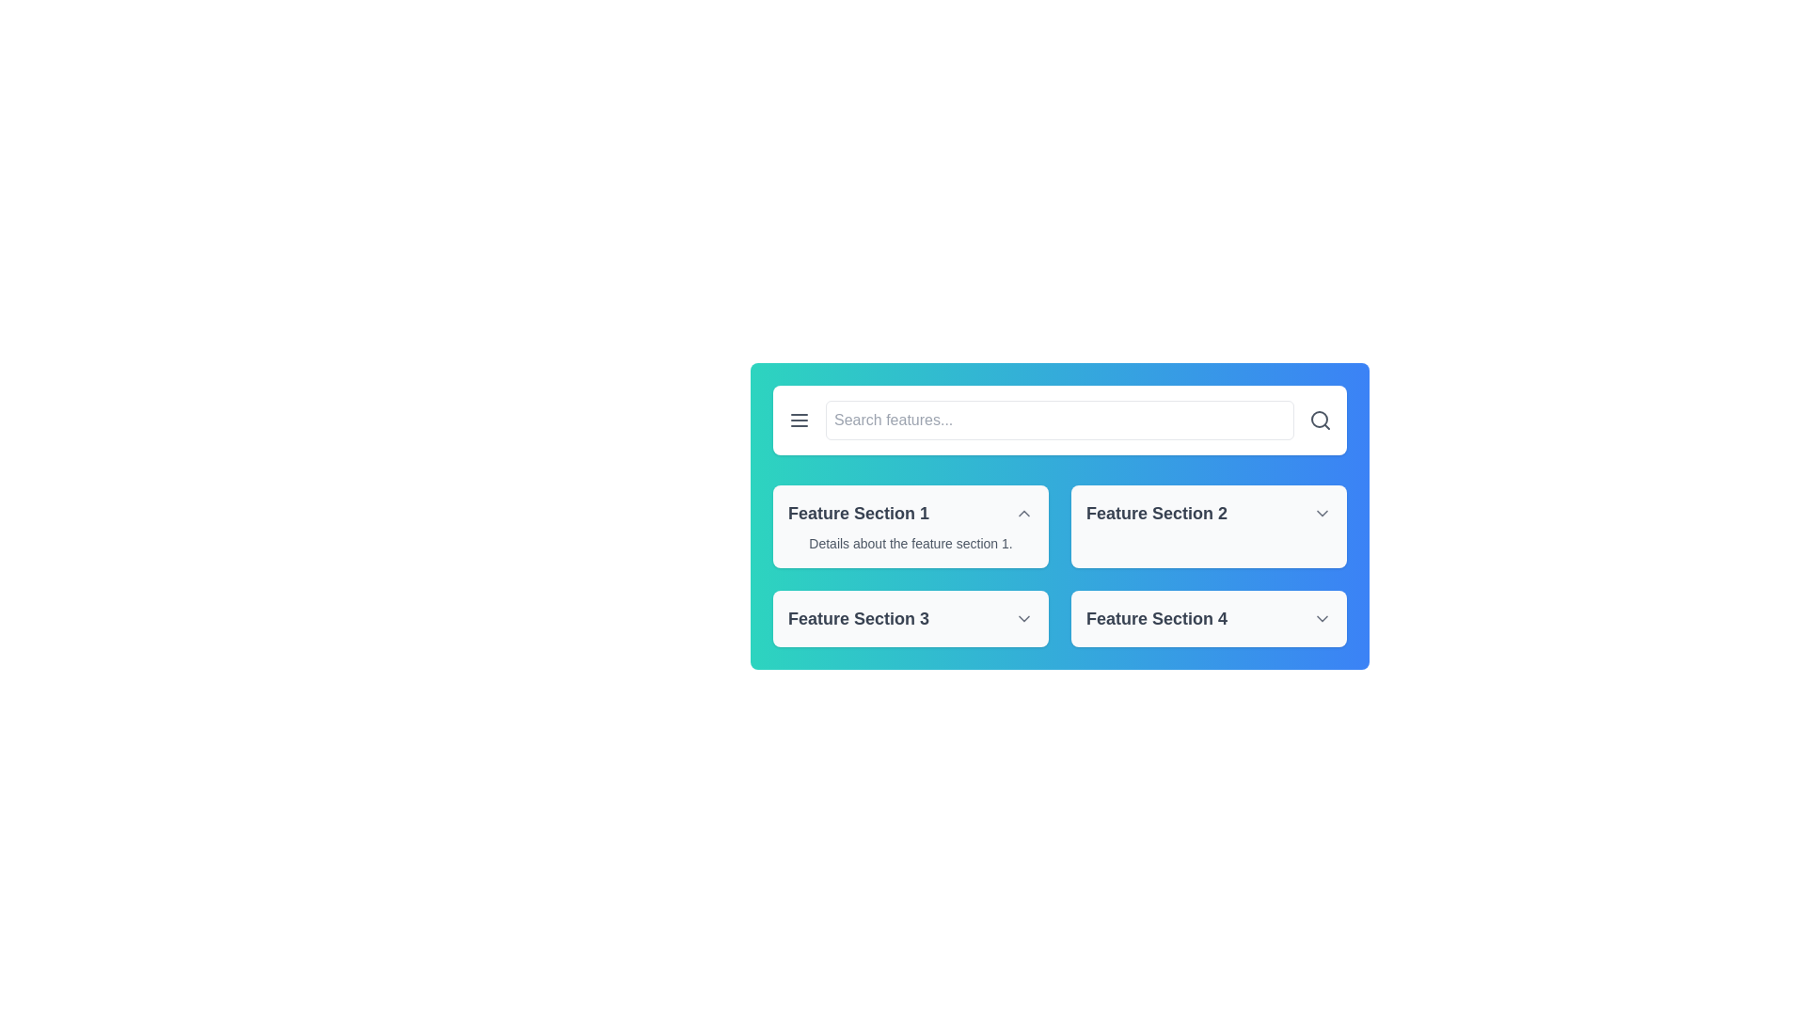  Describe the element at coordinates (911, 514) in the screenshot. I see `the chevron on the collapsible header` at that location.